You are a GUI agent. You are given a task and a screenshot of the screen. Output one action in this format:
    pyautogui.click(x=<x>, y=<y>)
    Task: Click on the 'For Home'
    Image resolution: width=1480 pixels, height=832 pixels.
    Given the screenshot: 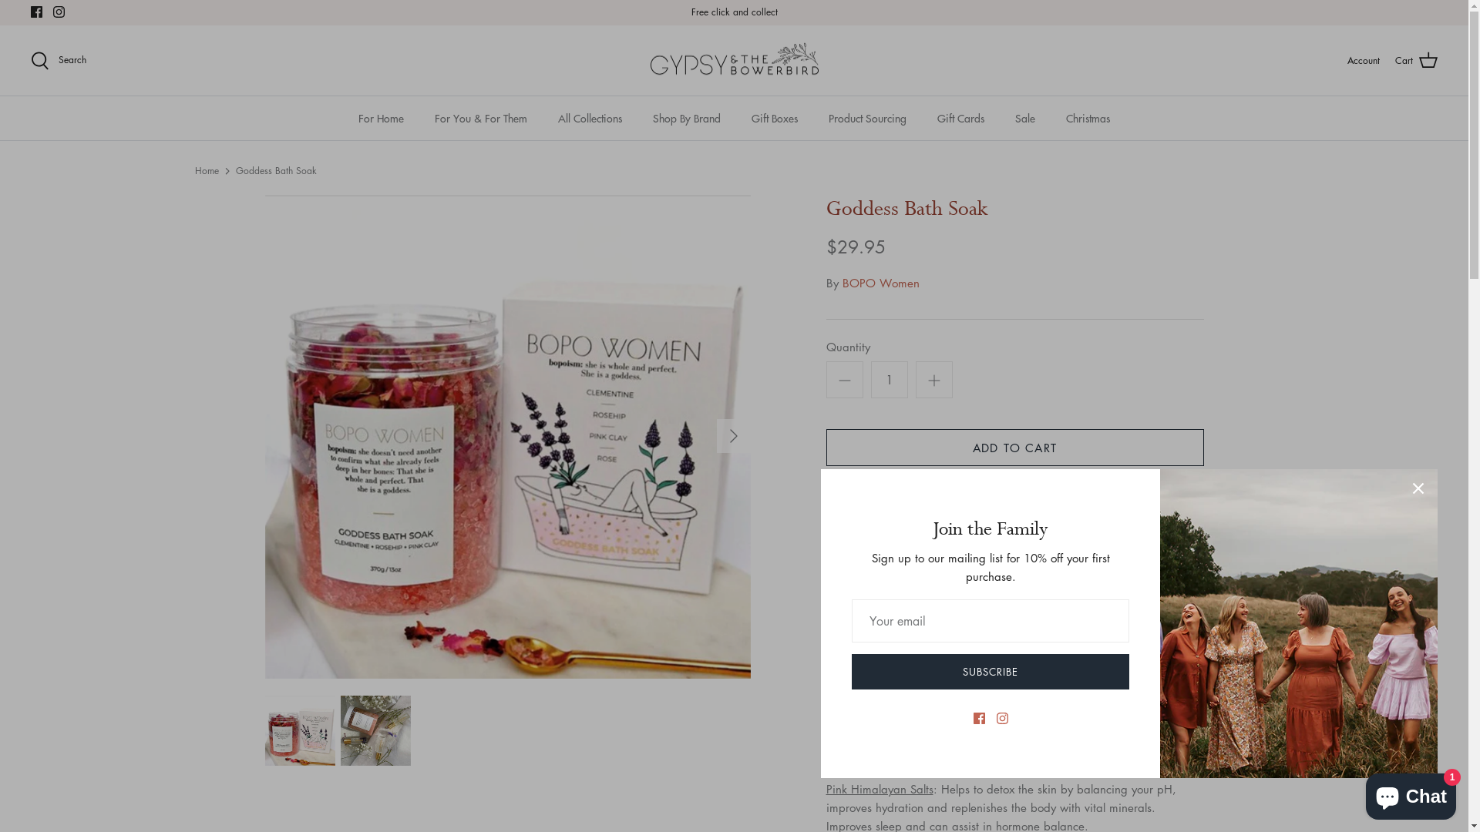 What is the action you would take?
    pyautogui.click(x=381, y=117)
    